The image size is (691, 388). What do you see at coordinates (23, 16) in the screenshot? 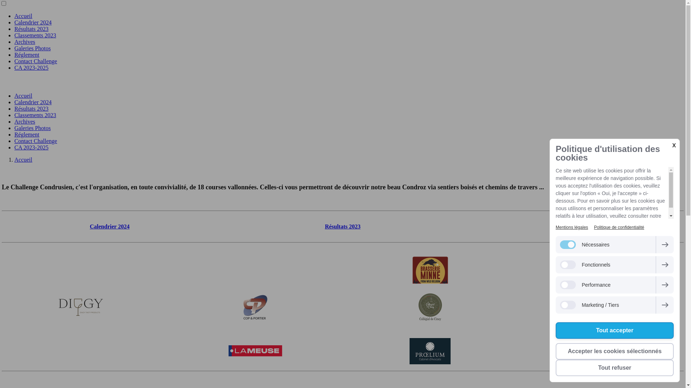
I see `'Accueil'` at bounding box center [23, 16].